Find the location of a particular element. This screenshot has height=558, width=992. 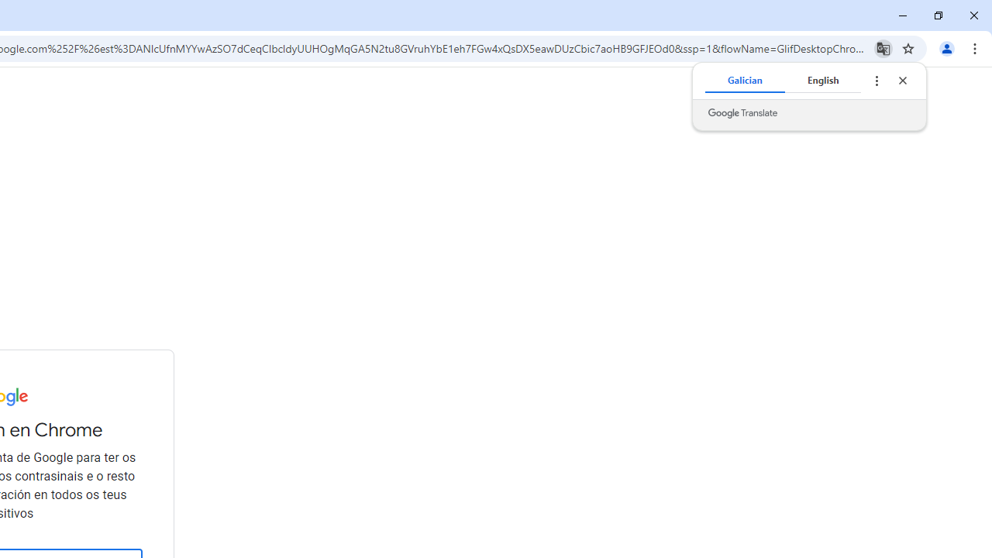

'Translate options' is located at coordinates (876, 81).